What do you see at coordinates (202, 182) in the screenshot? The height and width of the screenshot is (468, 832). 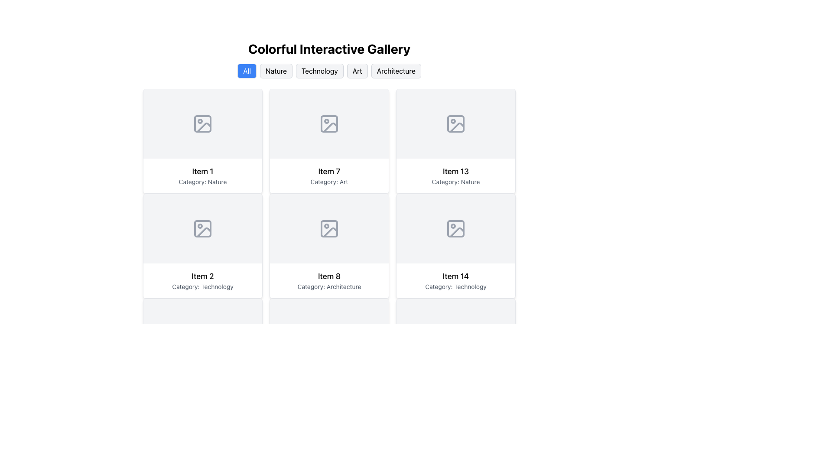 I see `static text label that reads 'Category: Nature', which is positioned directly beneath the heading 'Item 1' in the grid layout` at bounding box center [202, 182].